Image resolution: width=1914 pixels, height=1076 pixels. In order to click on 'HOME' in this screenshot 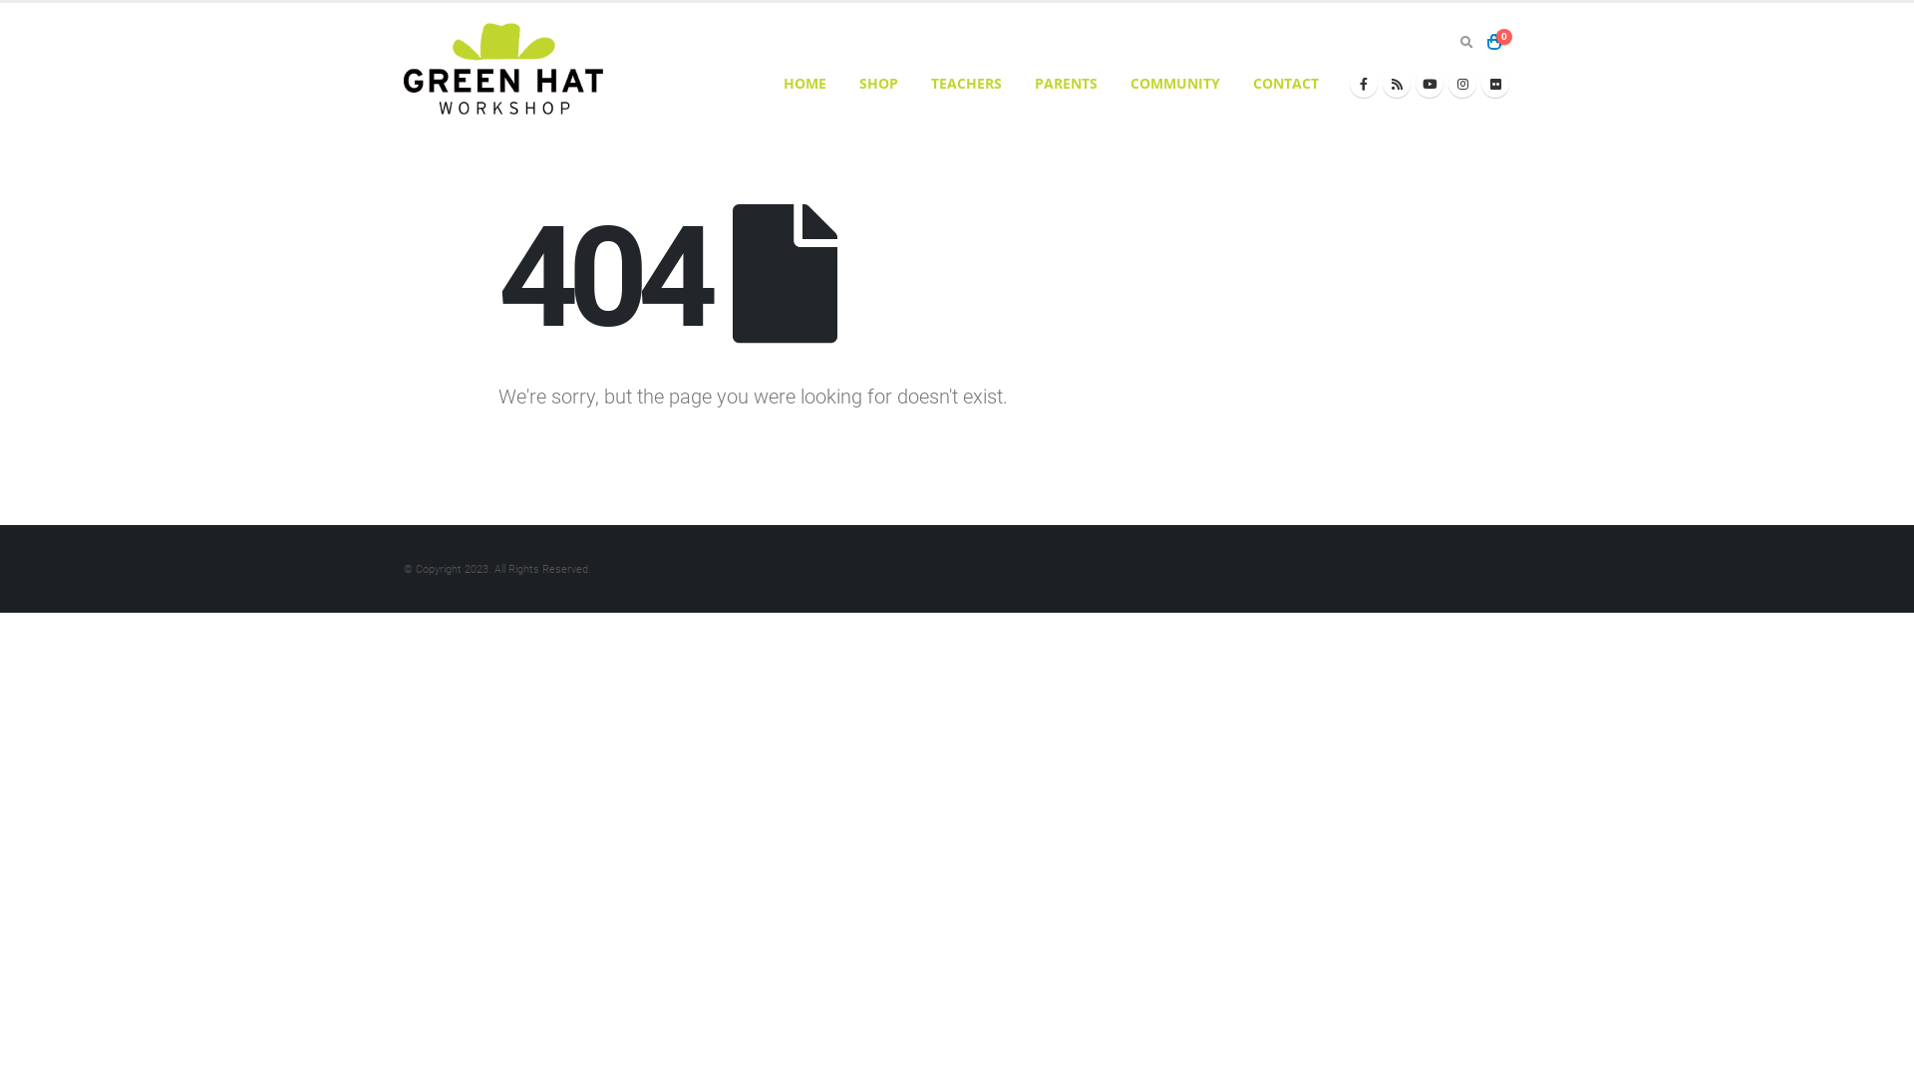, I will do `click(804, 83)`.